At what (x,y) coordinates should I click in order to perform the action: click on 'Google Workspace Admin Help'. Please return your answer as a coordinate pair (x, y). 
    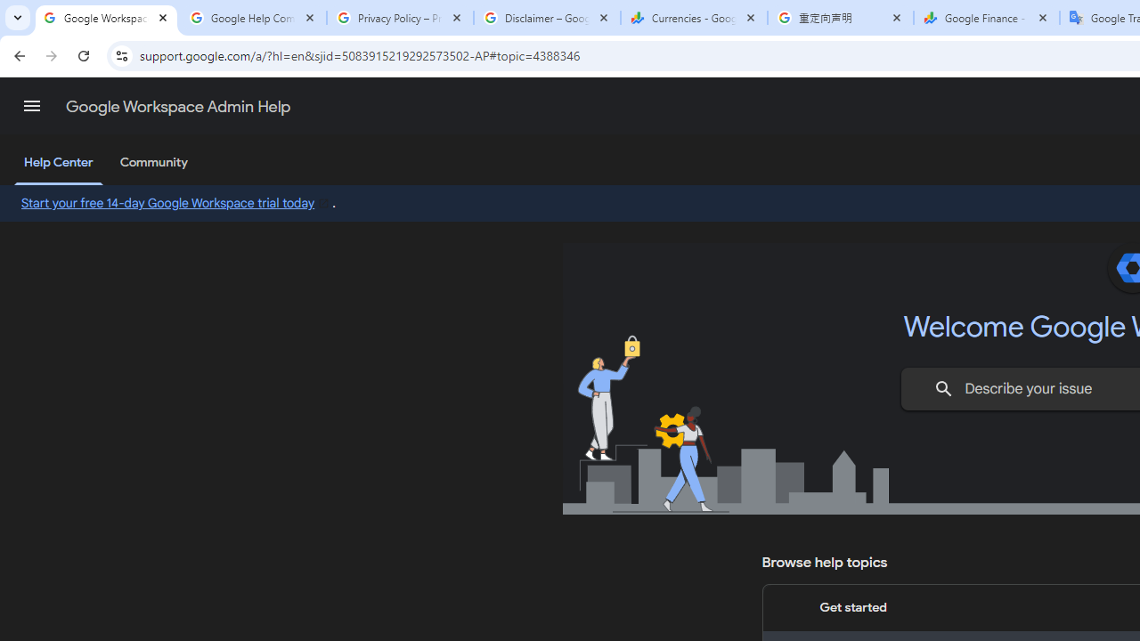
    Looking at the image, I should click on (105, 18).